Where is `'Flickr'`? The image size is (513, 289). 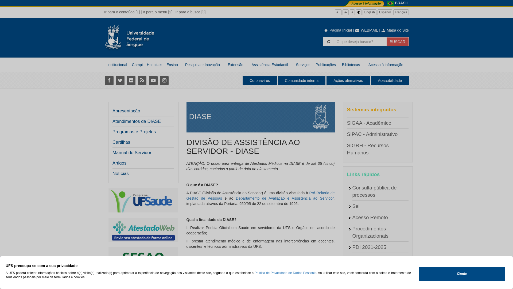 'Flickr' is located at coordinates (131, 80).